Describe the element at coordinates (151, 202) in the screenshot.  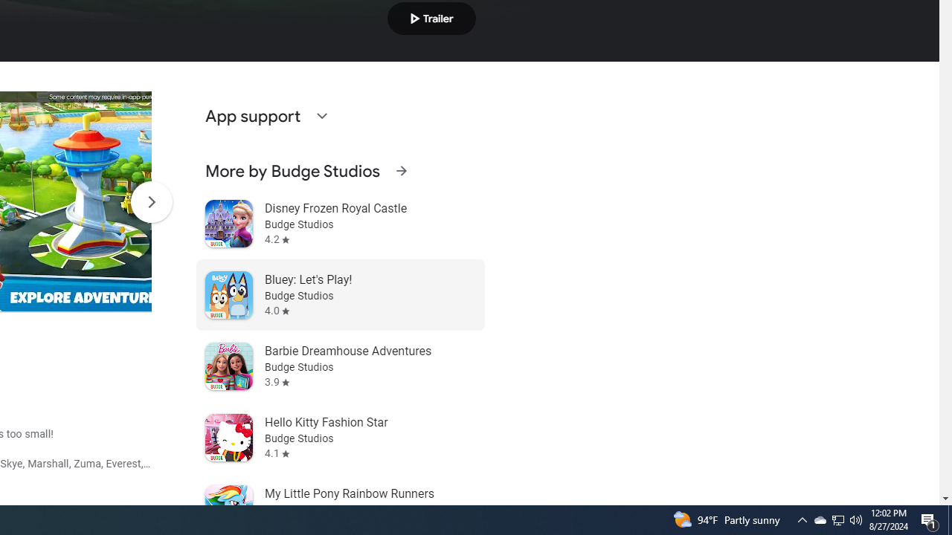
I see `'Scroll Next'` at that location.